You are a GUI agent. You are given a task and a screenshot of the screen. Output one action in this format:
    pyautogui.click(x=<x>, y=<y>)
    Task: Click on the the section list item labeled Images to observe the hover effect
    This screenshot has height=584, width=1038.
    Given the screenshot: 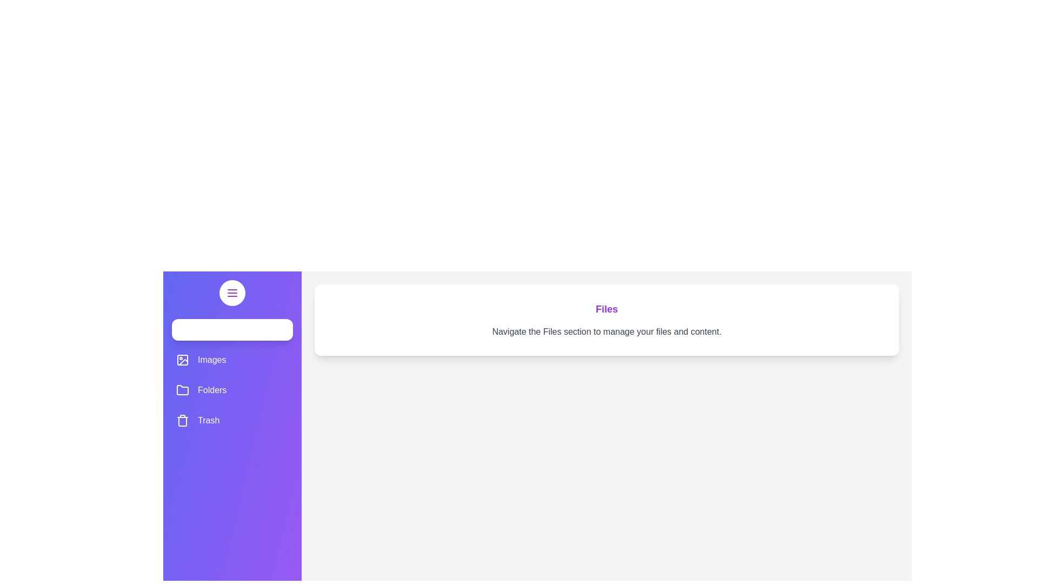 What is the action you would take?
    pyautogui.click(x=232, y=360)
    